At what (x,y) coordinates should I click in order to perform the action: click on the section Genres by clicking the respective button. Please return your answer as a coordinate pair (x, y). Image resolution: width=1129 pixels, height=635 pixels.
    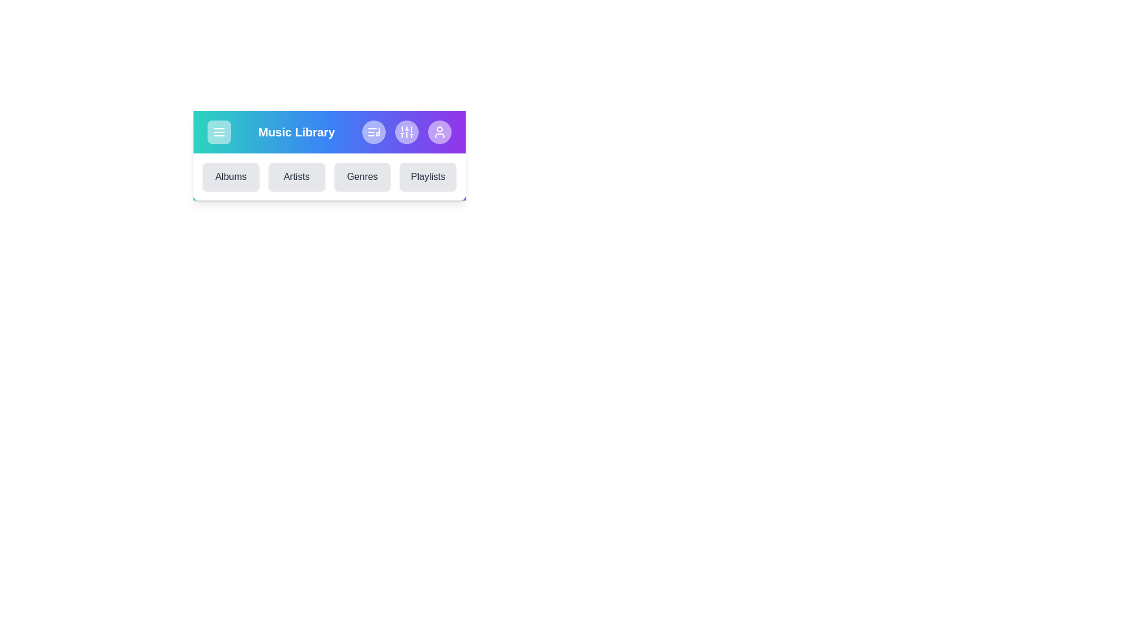
    Looking at the image, I should click on (362, 176).